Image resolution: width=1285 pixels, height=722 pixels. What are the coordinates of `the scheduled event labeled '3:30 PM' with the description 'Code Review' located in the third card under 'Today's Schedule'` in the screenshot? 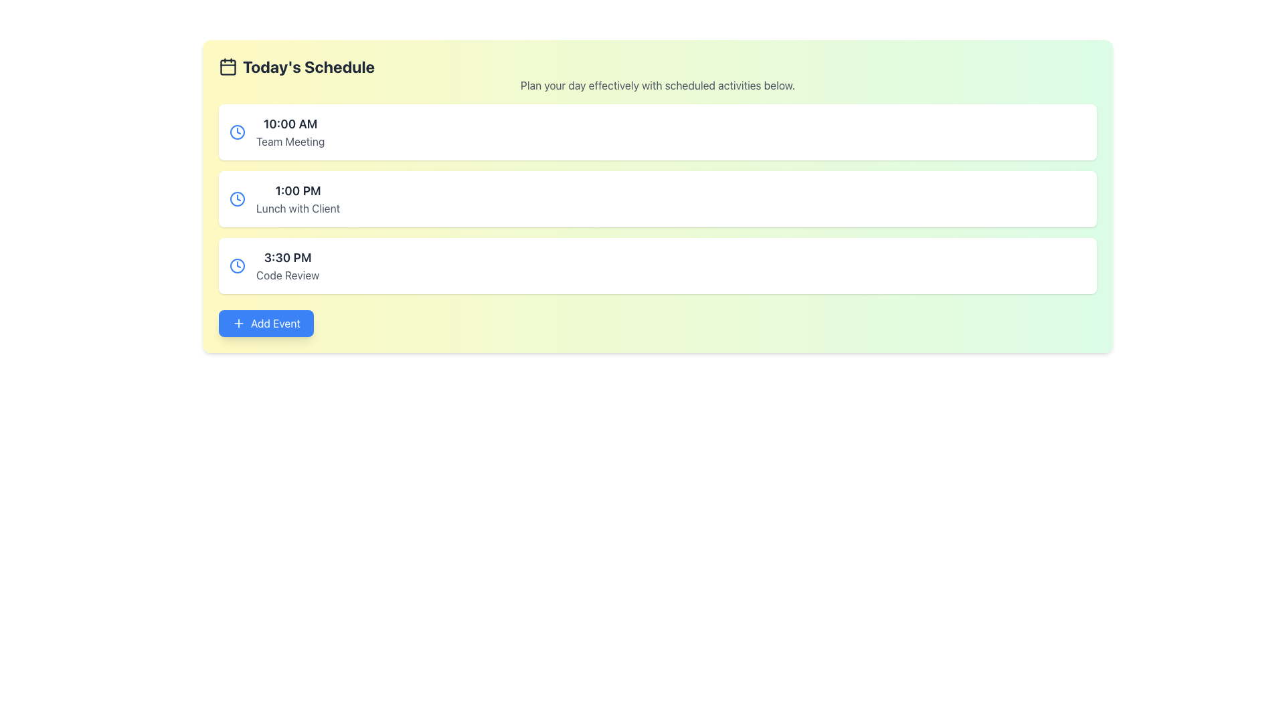 It's located at (287, 265).